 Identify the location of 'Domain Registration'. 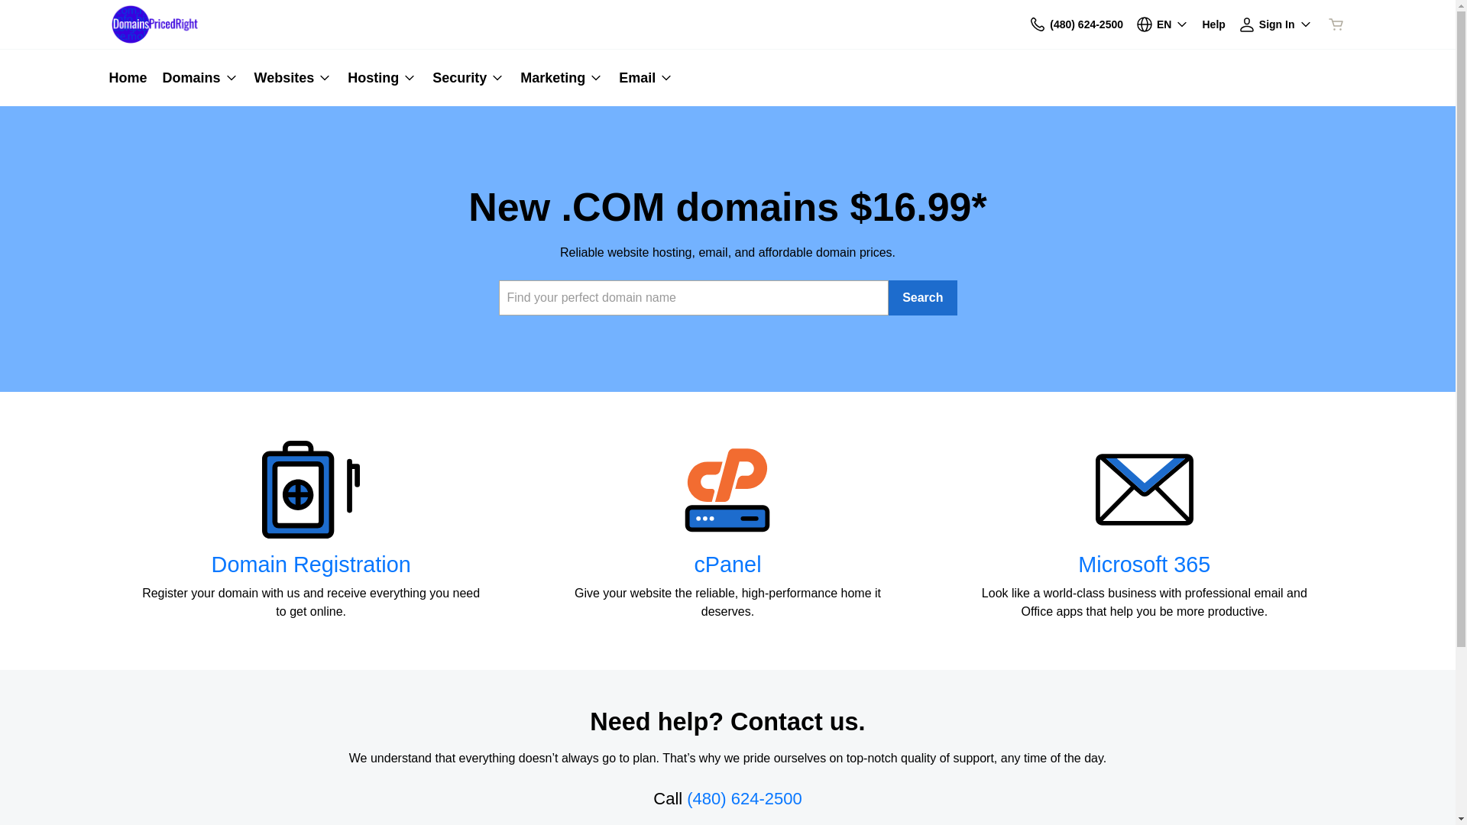
(310, 565).